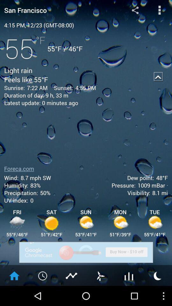 Image resolution: width=172 pixels, height=306 pixels. What do you see at coordinates (14, 295) in the screenshot?
I see `the home icon` at bounding box center [14, 295].